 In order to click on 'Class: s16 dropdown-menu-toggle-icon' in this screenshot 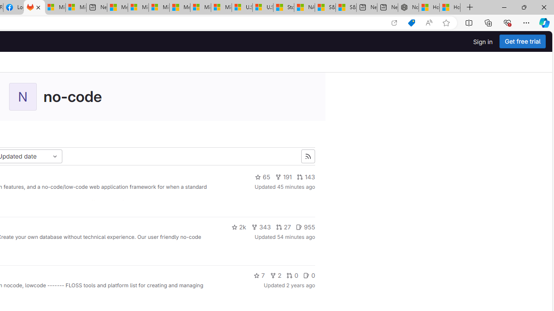, I will do `click(54, 156)`.